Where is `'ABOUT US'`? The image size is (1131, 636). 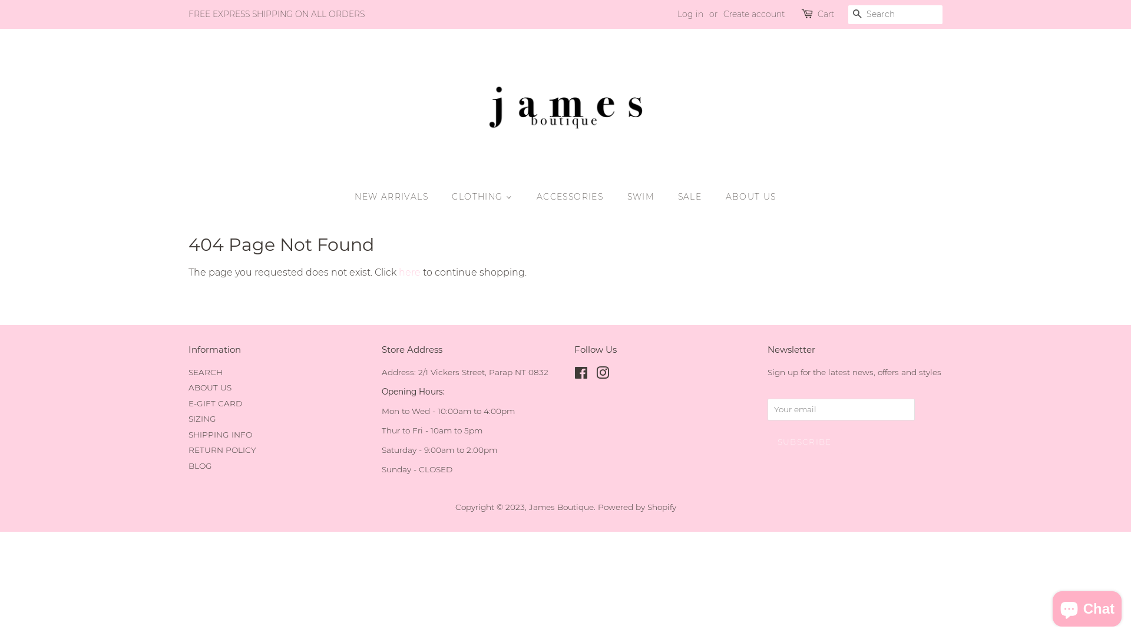
'ABOUT US' is located at coordinates (210, 387).